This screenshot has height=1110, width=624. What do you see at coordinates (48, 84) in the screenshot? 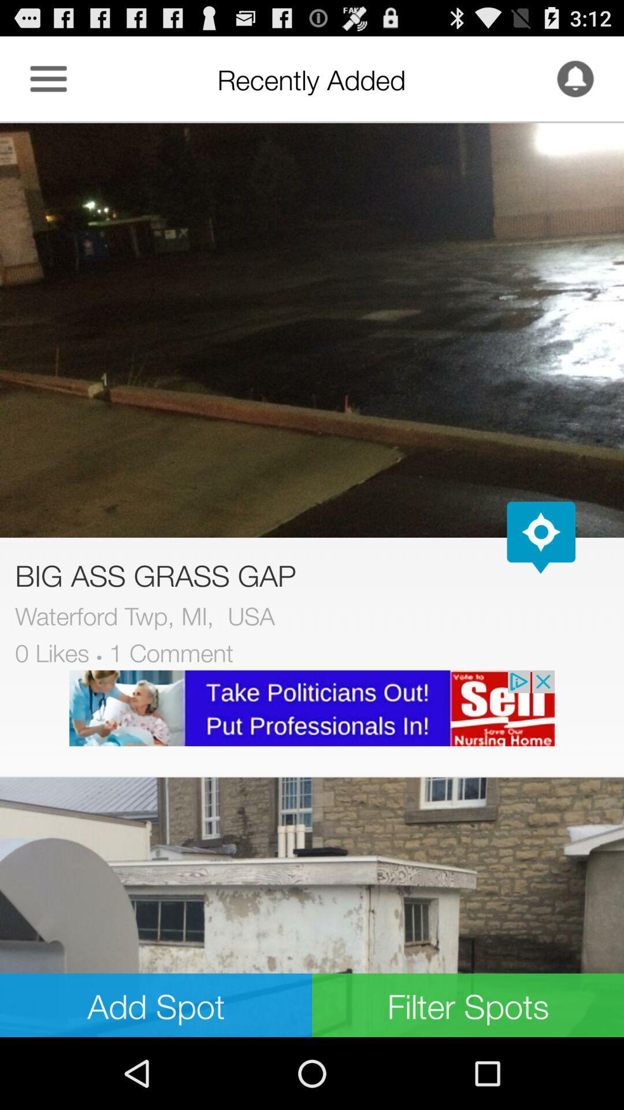
I see `the menu icon` at bounding box center [48, 84].